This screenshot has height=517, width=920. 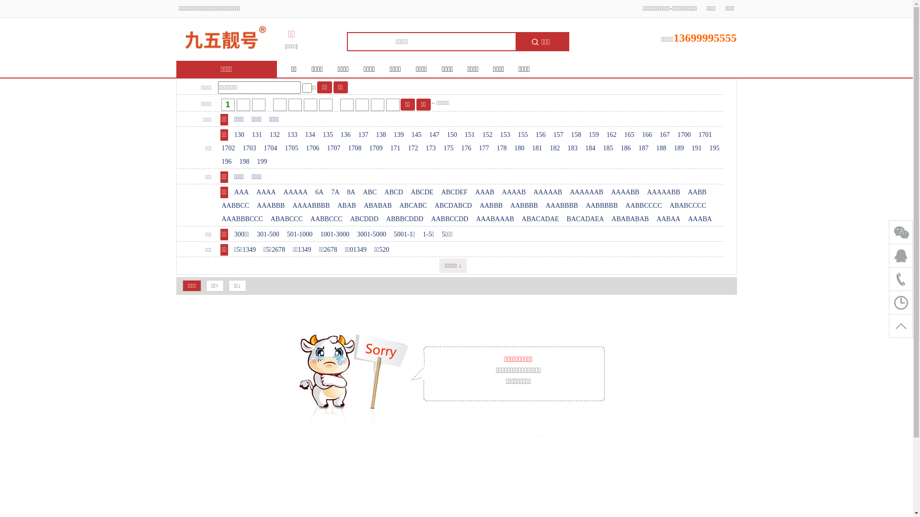 I want to click on 'ABC', so click(x=360, y=192).